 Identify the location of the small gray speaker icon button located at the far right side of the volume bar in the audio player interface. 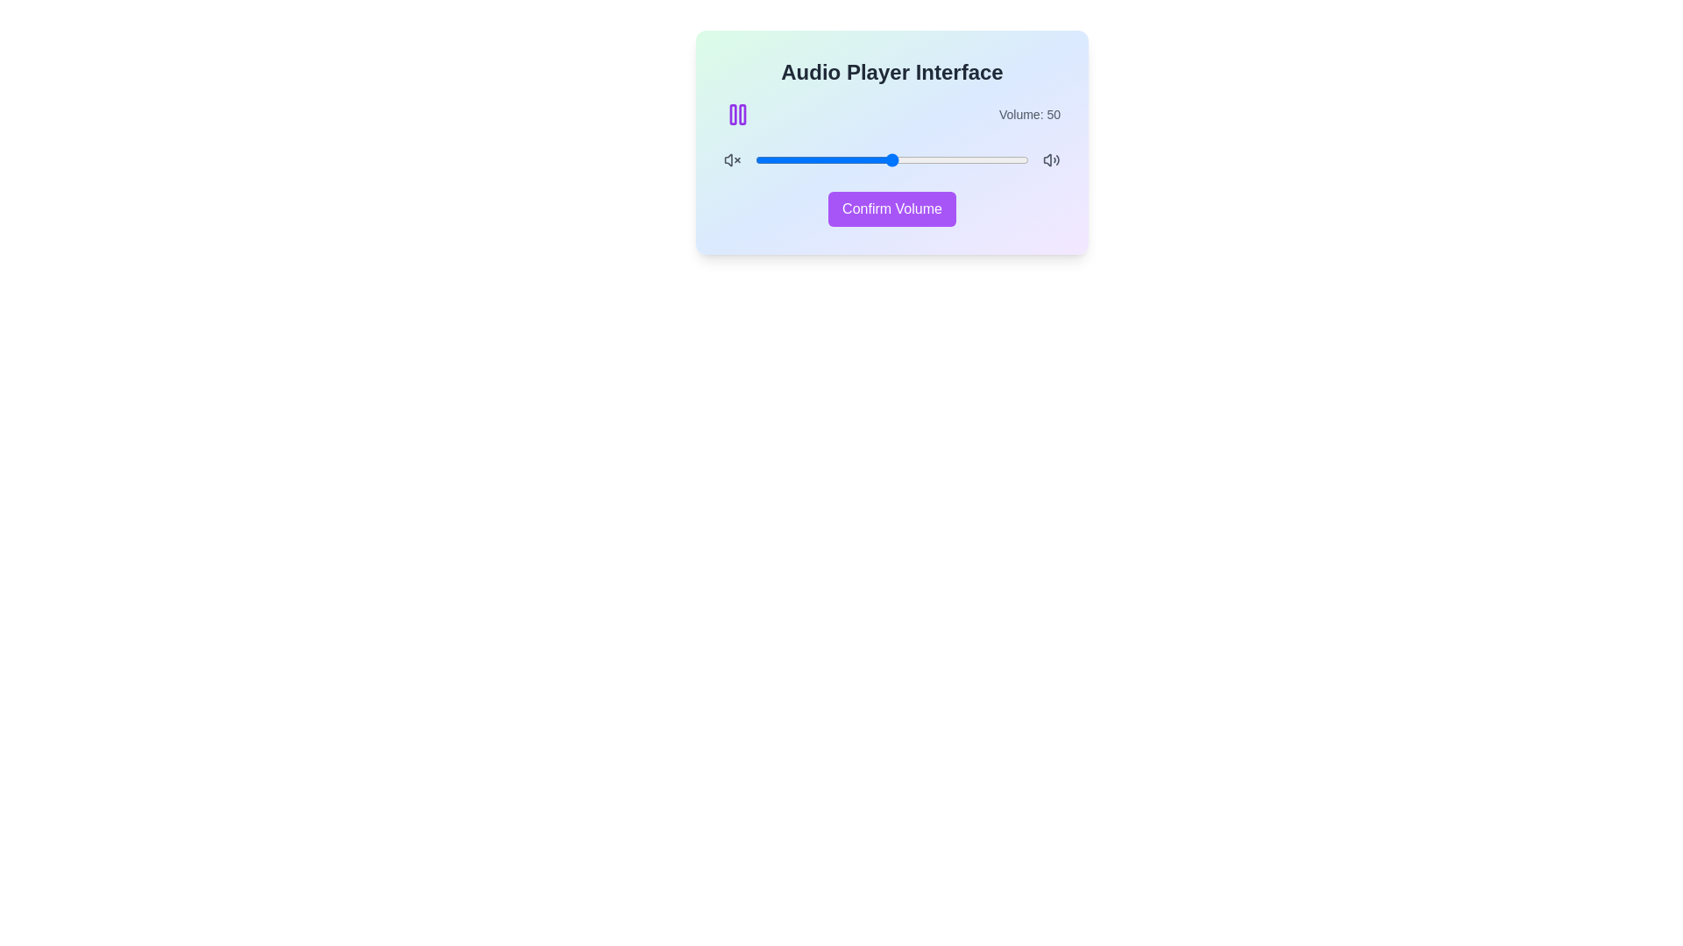
(1047, 159).